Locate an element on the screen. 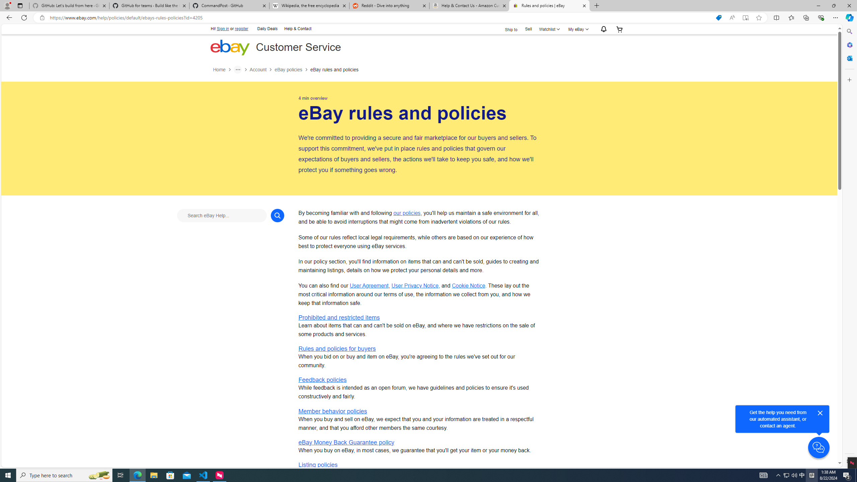 Image resolution: width=857 pixels, height=482 pixels. 'Member behavior policies' is located at coordinates (333, 411).